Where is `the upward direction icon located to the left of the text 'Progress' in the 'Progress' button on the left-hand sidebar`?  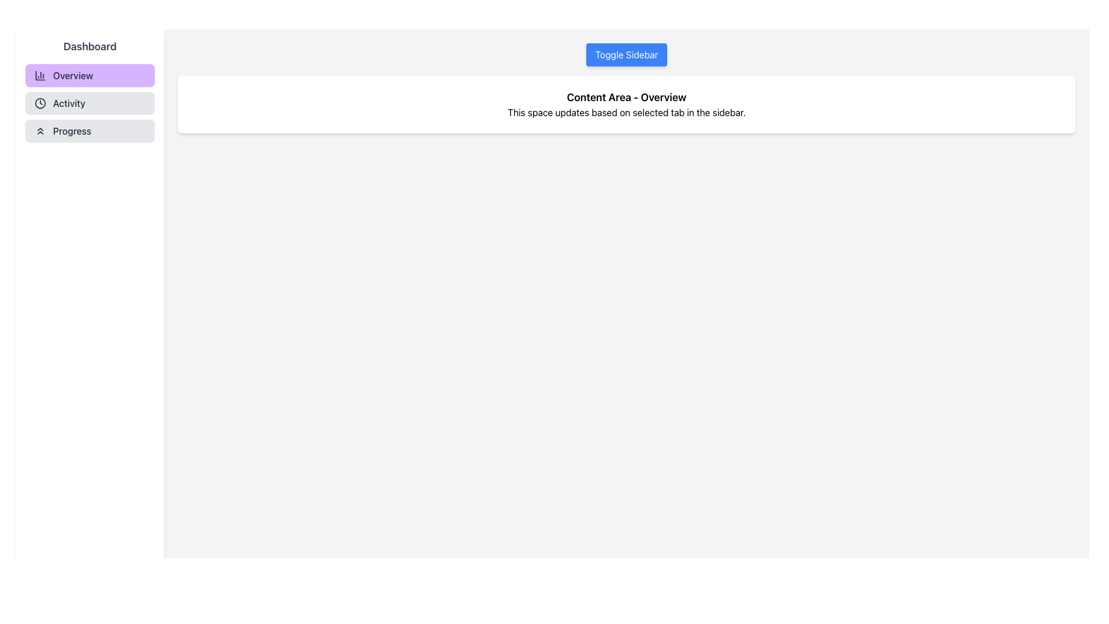
the upward direction icon located to the left of the text 'Progress' in the 'Progress' button on the left-hand sidebar is located at coordinates (40, 131).